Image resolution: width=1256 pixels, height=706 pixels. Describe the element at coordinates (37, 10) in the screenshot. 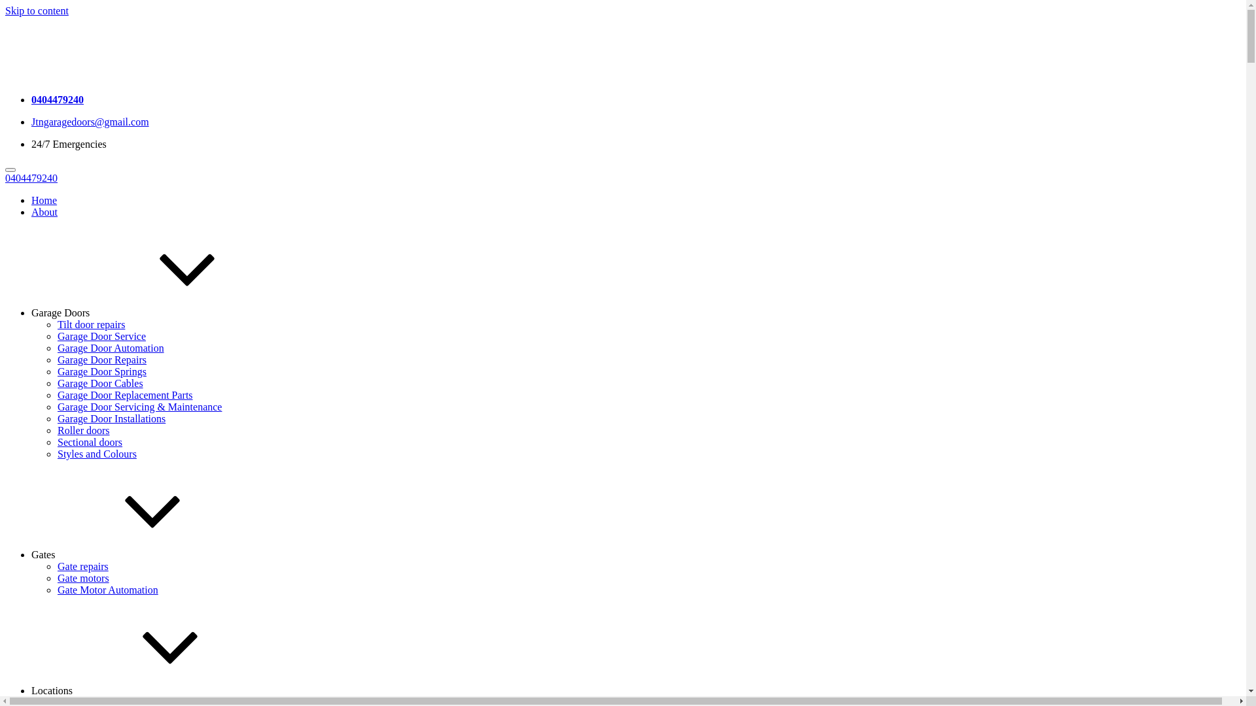

I see `'Skip to content'` at that location.